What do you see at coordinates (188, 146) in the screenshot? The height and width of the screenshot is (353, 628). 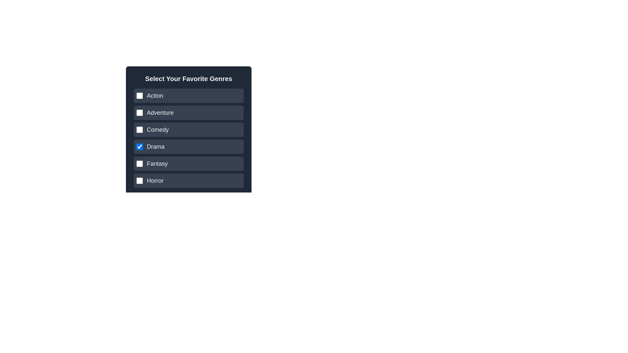 I see `the checkbox for the genre 'Drama'` at bounding box center [188, 146].